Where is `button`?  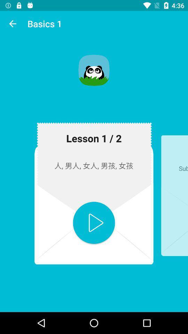 button is located at coordinates (94, 222).